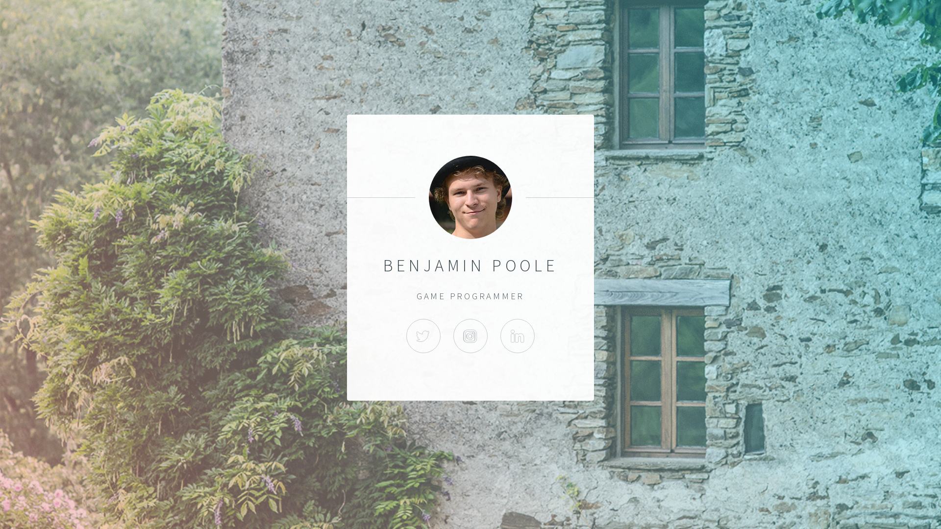 The image size is (941, 529). I want to click on 'INSTAGRAM', so click(470, 336).